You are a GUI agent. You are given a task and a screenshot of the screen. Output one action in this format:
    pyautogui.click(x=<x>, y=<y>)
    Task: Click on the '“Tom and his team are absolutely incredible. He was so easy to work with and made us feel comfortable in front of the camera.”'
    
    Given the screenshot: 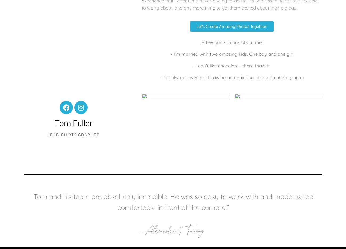 What is the action you would take?
    pyautogui.click(x=31, y=202)
    